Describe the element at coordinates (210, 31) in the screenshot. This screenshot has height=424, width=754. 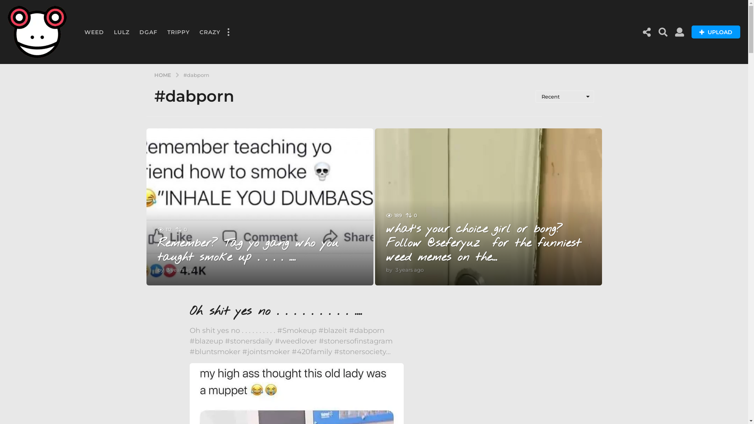
I see `'CRAZY'` at that location.